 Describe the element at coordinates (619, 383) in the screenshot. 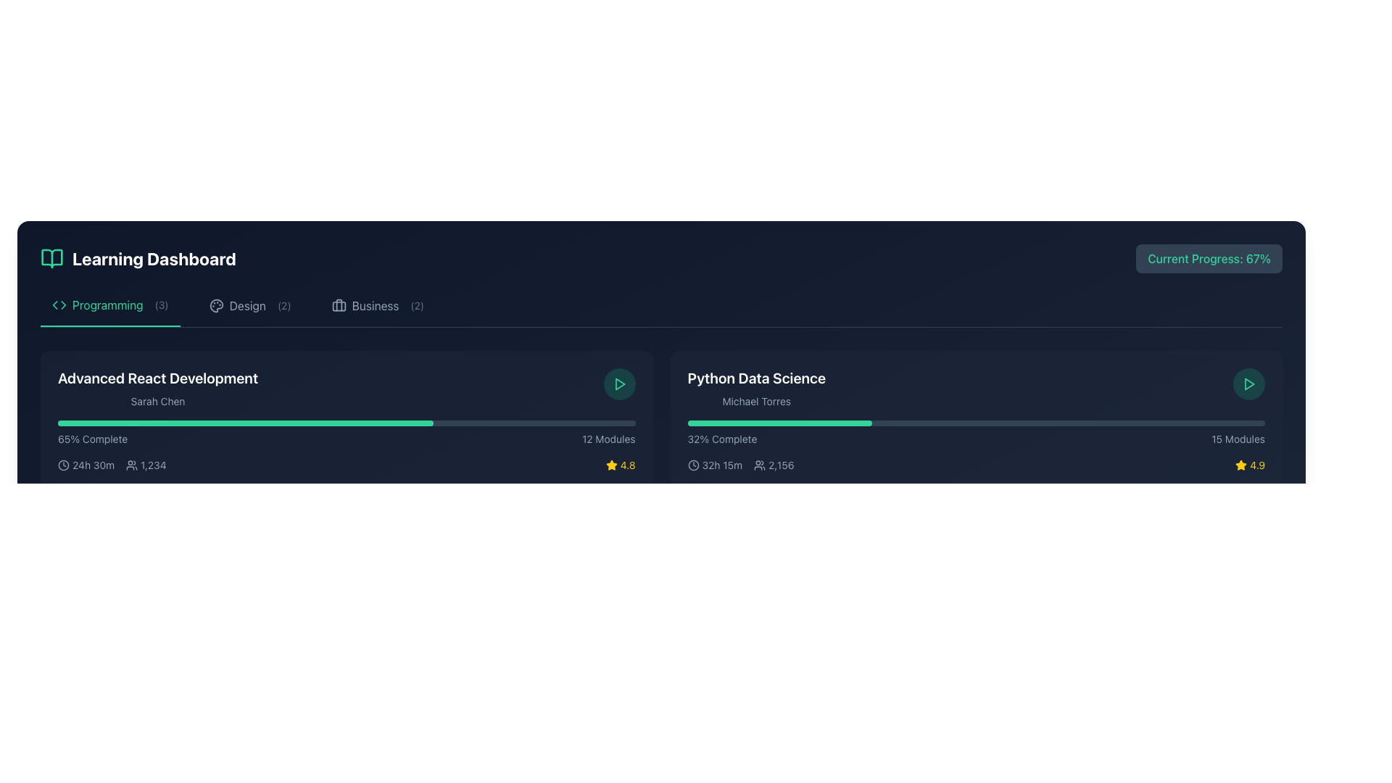

I see `the button located on the right side of the 'Advanced React Development' course details` at that location.